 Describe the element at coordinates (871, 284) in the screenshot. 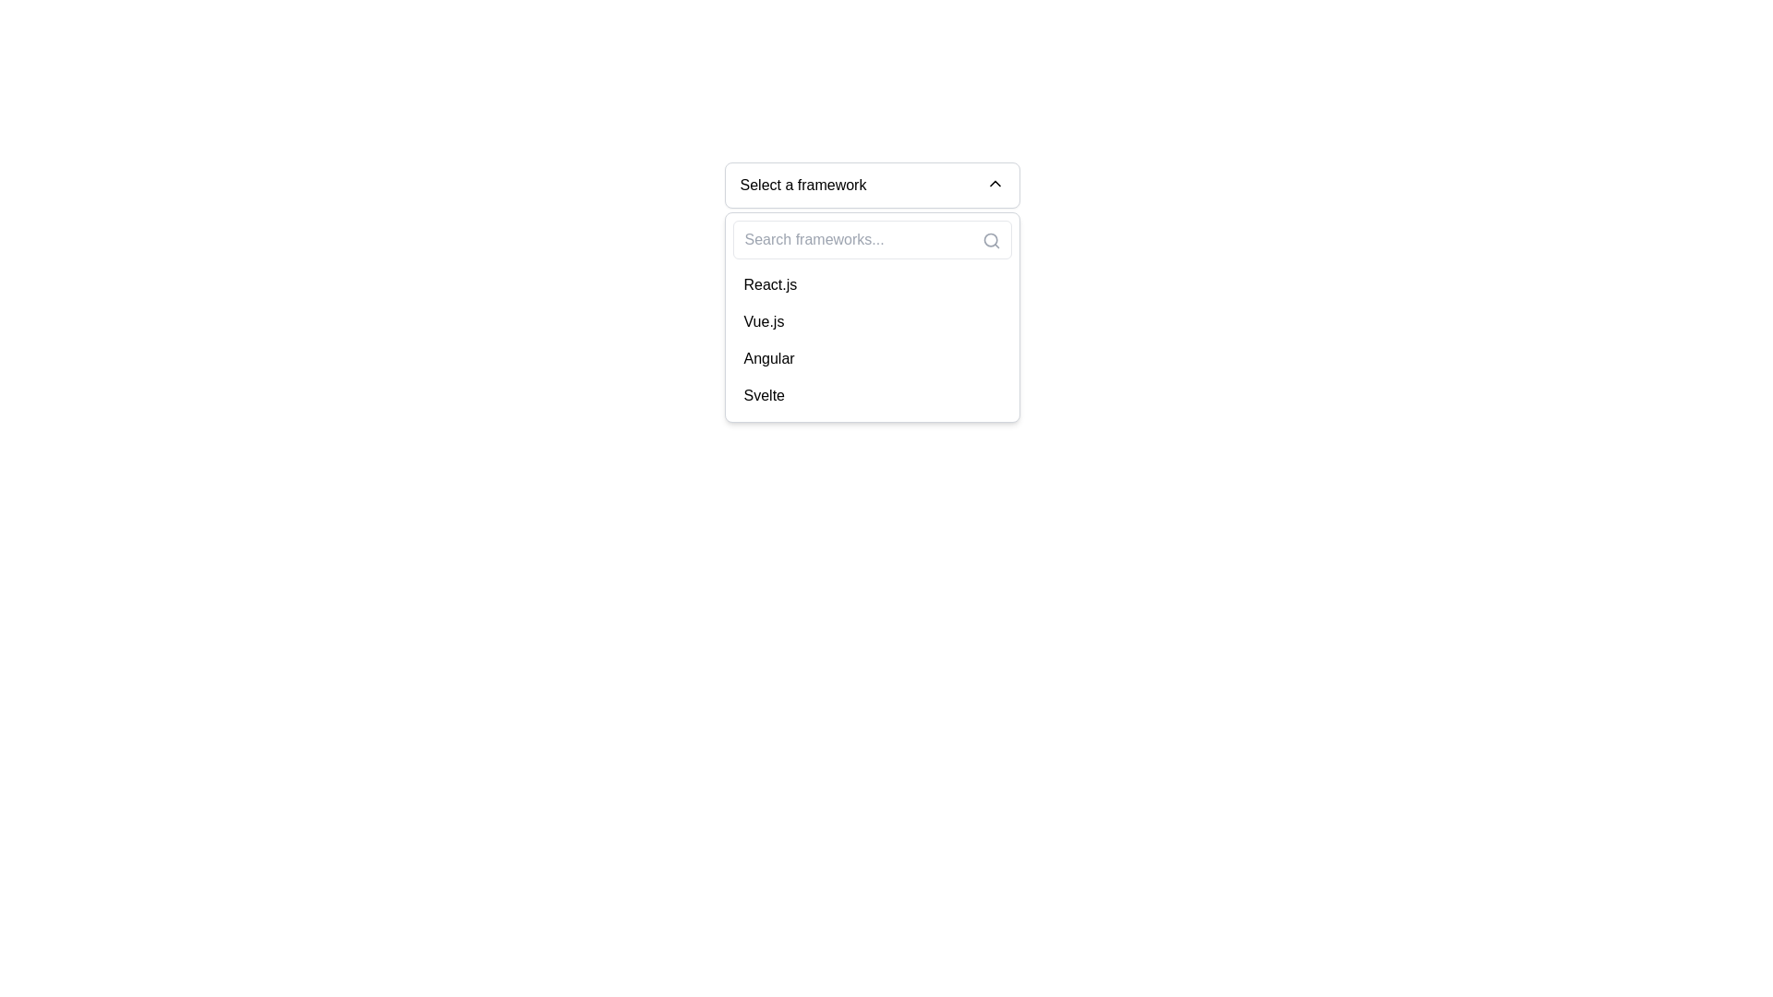

I see `the first item in the dropdown menu list` at that location.